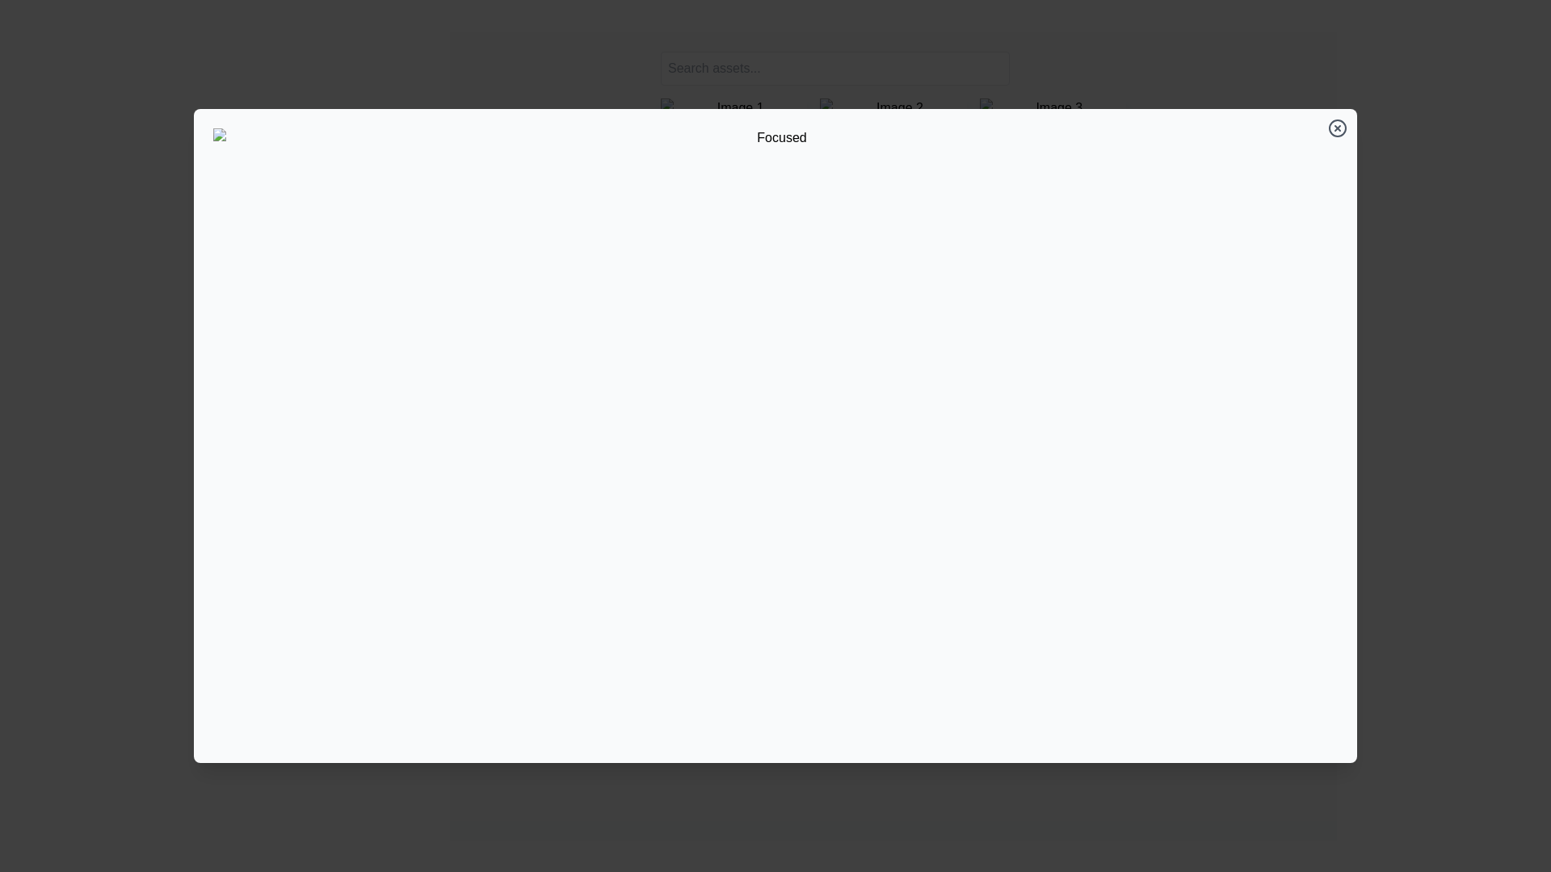 The height and width of the screenshot is (872, 1551). I want to click on the Thumbnail card displaying 'Image 1', which is the first item in the grid layout with a small thumbnail image on the left and text on the right, so click(733, 108).